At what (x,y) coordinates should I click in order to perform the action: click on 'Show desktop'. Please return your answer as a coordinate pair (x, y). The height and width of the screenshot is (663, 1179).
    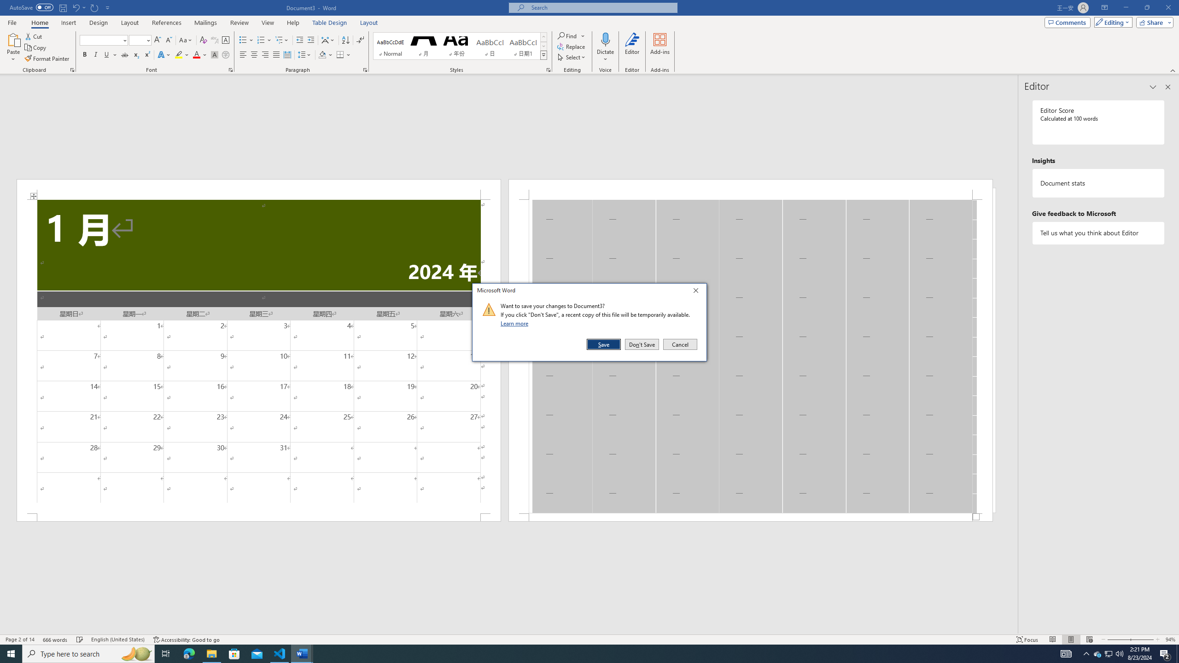
    Looking at the image, I should click on (1177, 653).